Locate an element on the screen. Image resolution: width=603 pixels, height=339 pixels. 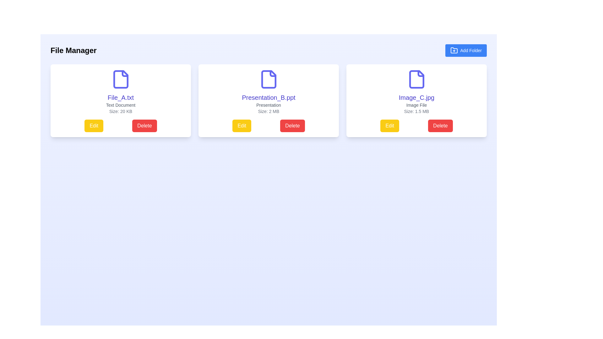
the 'Add Folder' button which contains a folder icon with a plus sign overlay, located in the top-right corner of the interface is located at coordinates (454, 50).